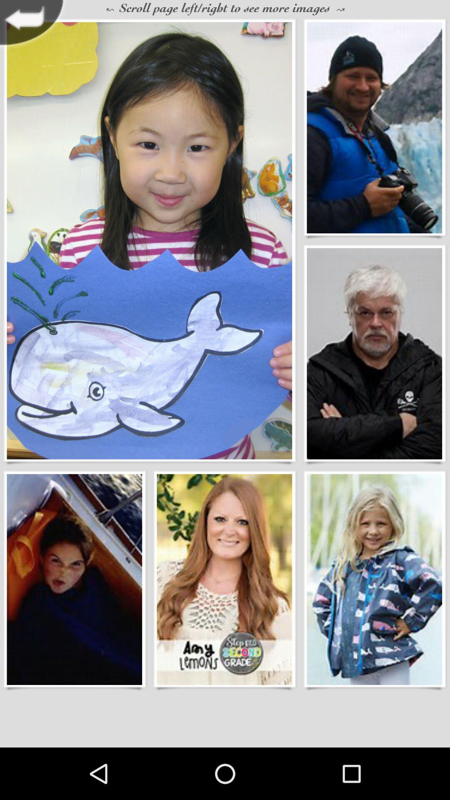  I want to click on young girl holding whale creation, so click(149, 240).